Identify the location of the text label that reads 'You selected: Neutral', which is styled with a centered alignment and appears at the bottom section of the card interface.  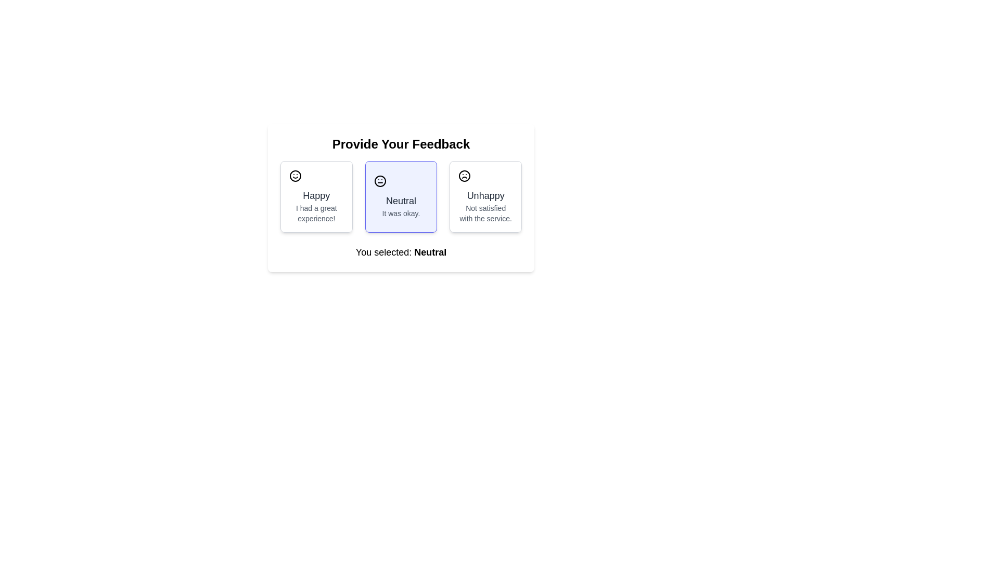
(401, 252).